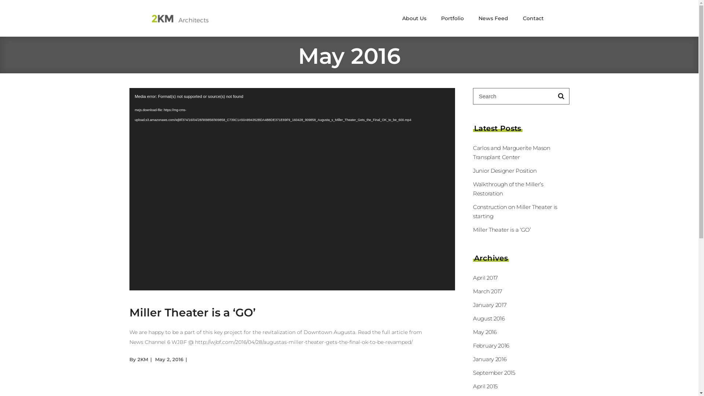 The image size is (704, 396). I want to click on 'Contact', so click(515, 18).